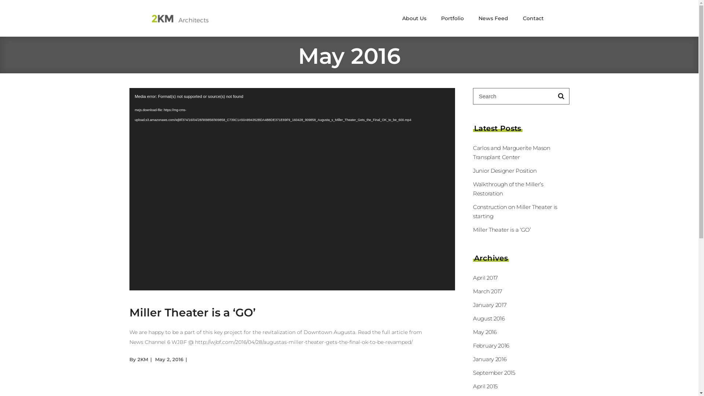 The image size is (704, 396). I want to click on 'Contact', so click(515, 18).